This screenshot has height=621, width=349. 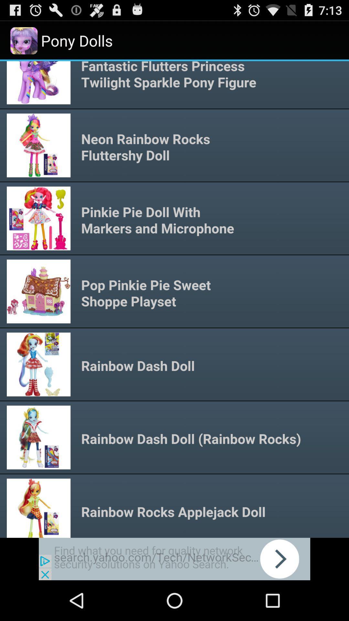 I want to click on song, so click(x=174, y=299).